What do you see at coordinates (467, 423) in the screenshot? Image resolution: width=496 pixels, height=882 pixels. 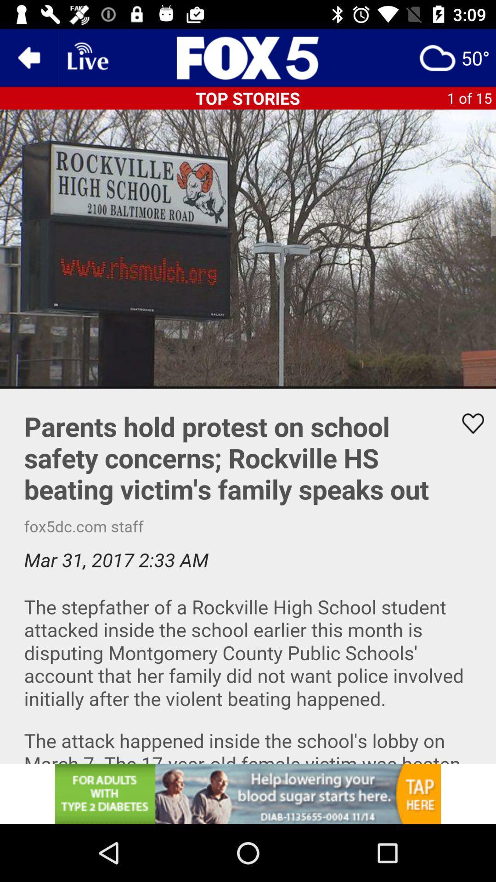 I see `to favorites` at bounding box center [467, 423].